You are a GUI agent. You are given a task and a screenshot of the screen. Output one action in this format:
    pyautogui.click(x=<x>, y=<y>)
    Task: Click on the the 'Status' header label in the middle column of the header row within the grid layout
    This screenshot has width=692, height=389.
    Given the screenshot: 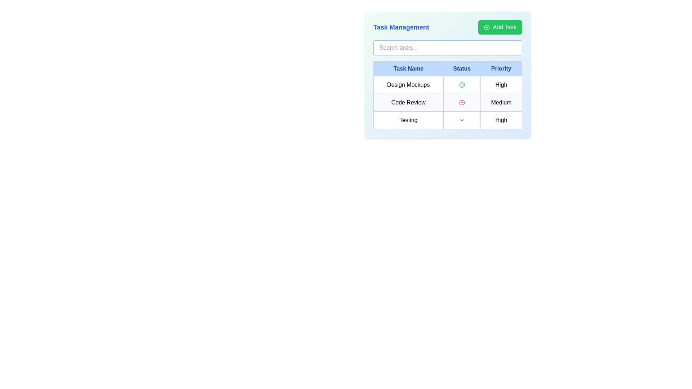 What is the action you would take?
    pyautogui.click(x=462, y=69)
    